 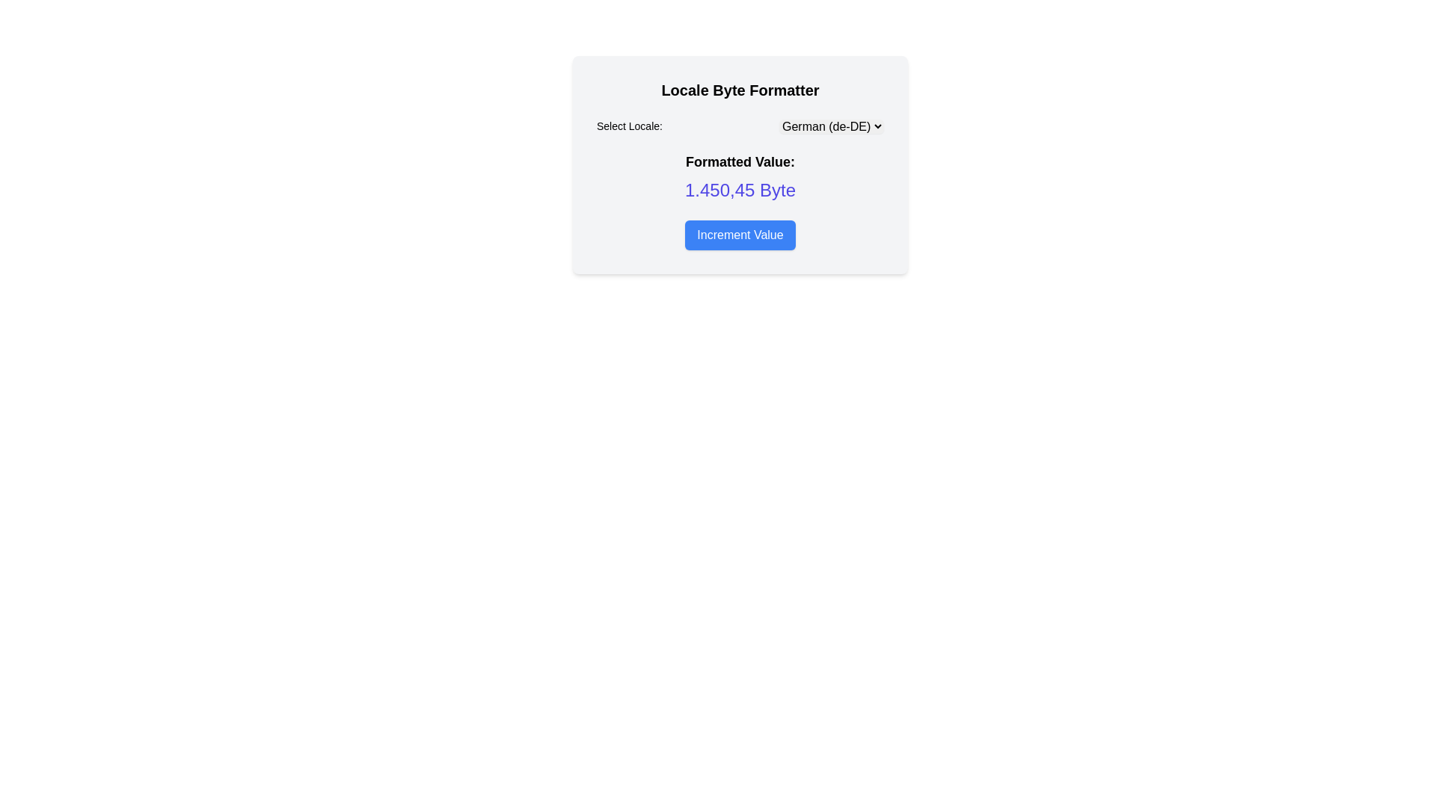 I want to click on the dropdown menu labeled 'Select Locale:', so click(x=831, y=126).